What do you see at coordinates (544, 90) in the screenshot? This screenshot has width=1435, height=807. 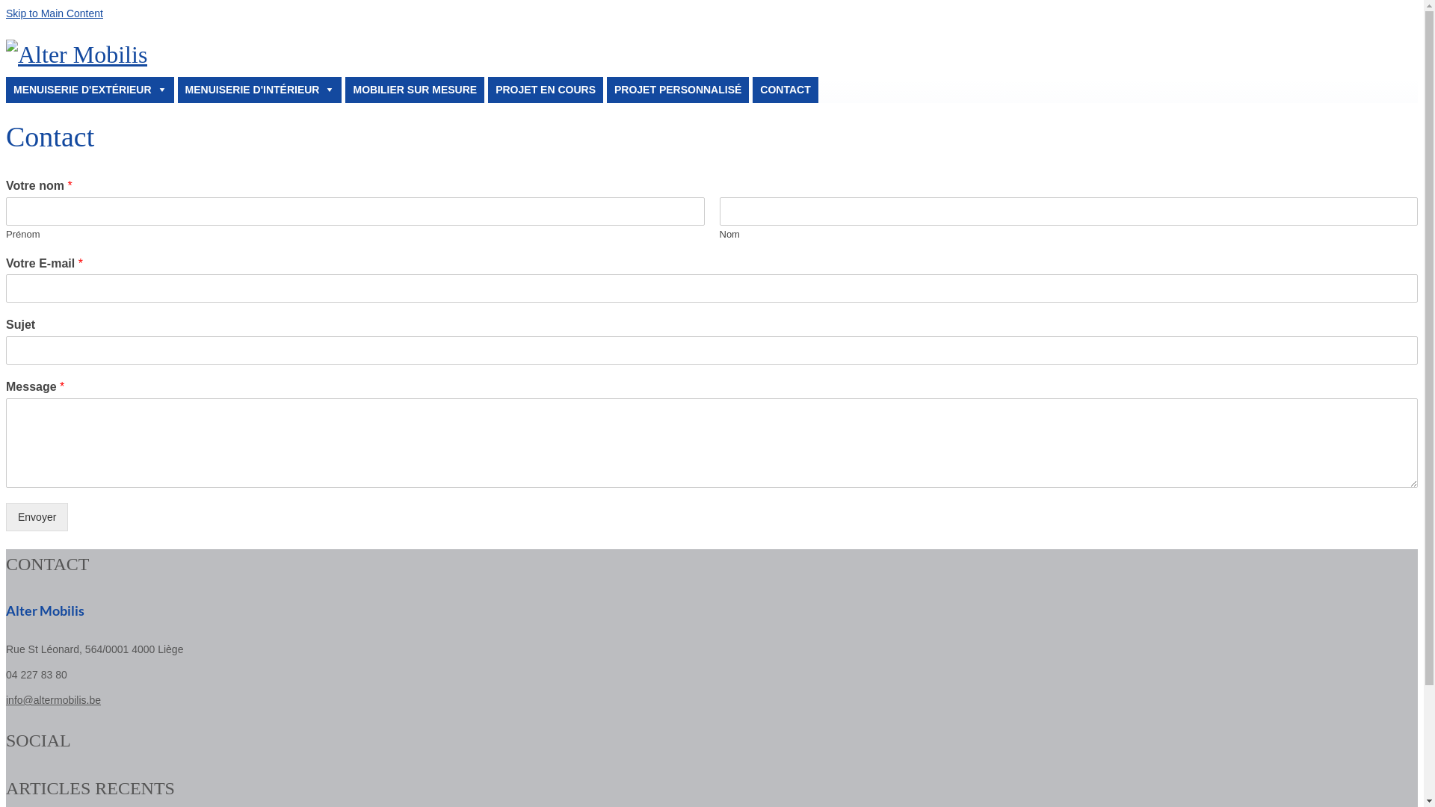 I see `'PROJET EN COURS'` at bounding box center [544, 90].